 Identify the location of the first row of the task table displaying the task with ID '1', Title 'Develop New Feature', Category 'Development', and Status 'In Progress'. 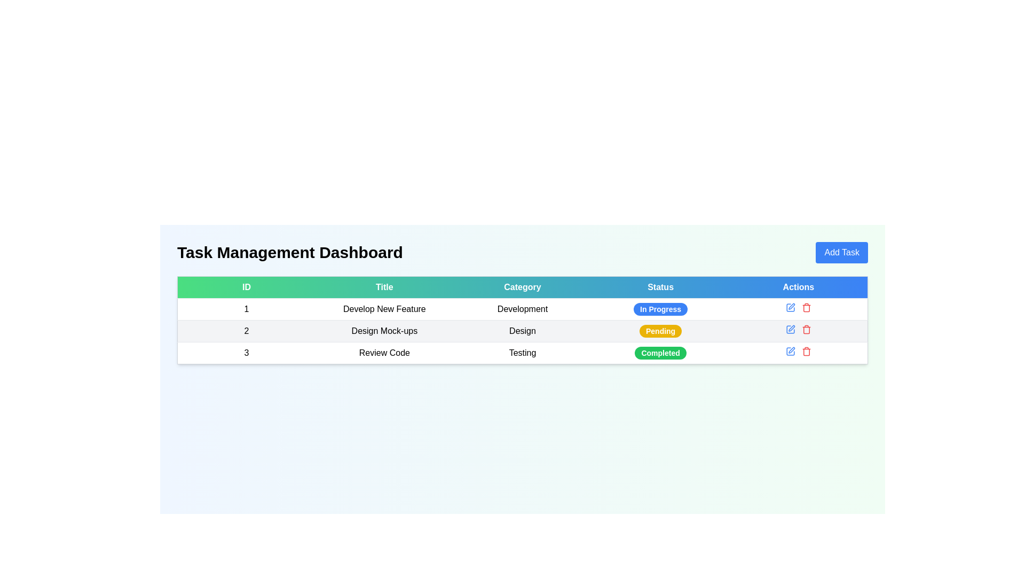
(523, 309).